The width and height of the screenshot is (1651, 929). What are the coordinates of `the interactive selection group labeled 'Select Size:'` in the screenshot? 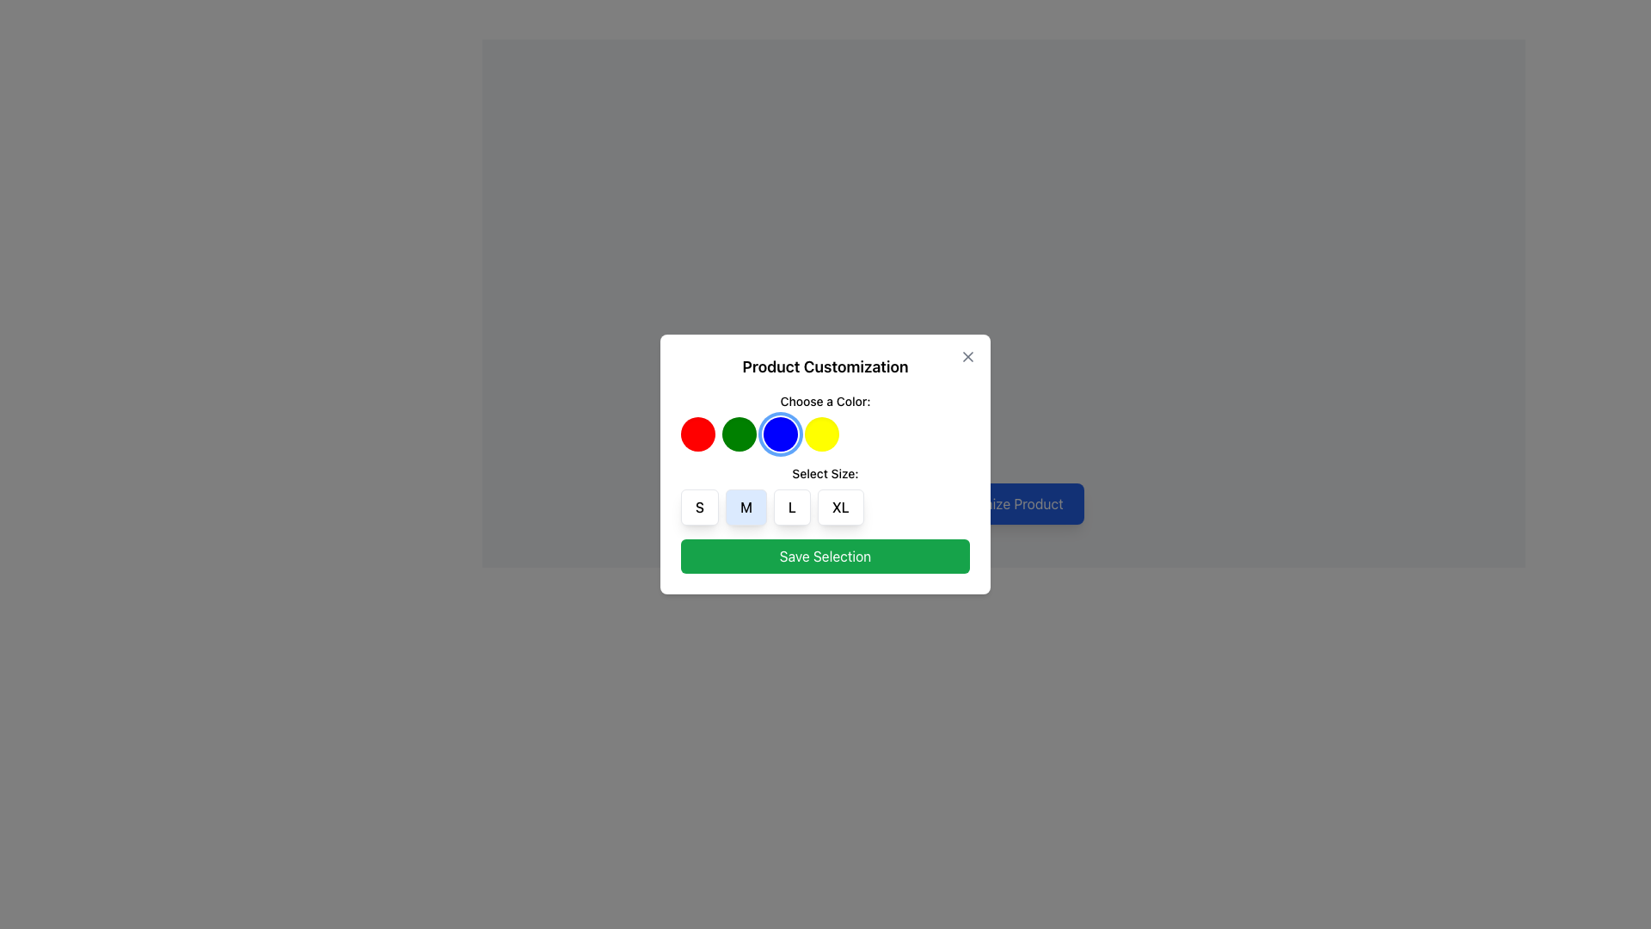 It's located at (825, 495).